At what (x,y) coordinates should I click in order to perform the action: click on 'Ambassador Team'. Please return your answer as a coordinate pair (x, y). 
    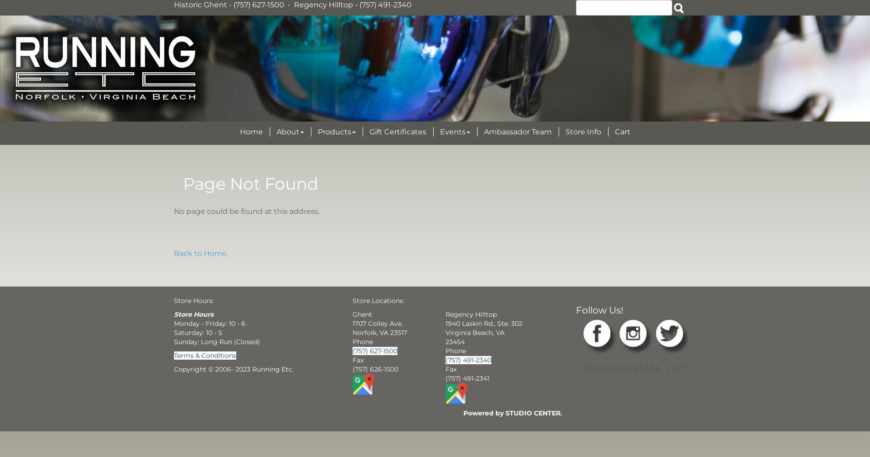
    Looking at the image, I should click on (517, 132).